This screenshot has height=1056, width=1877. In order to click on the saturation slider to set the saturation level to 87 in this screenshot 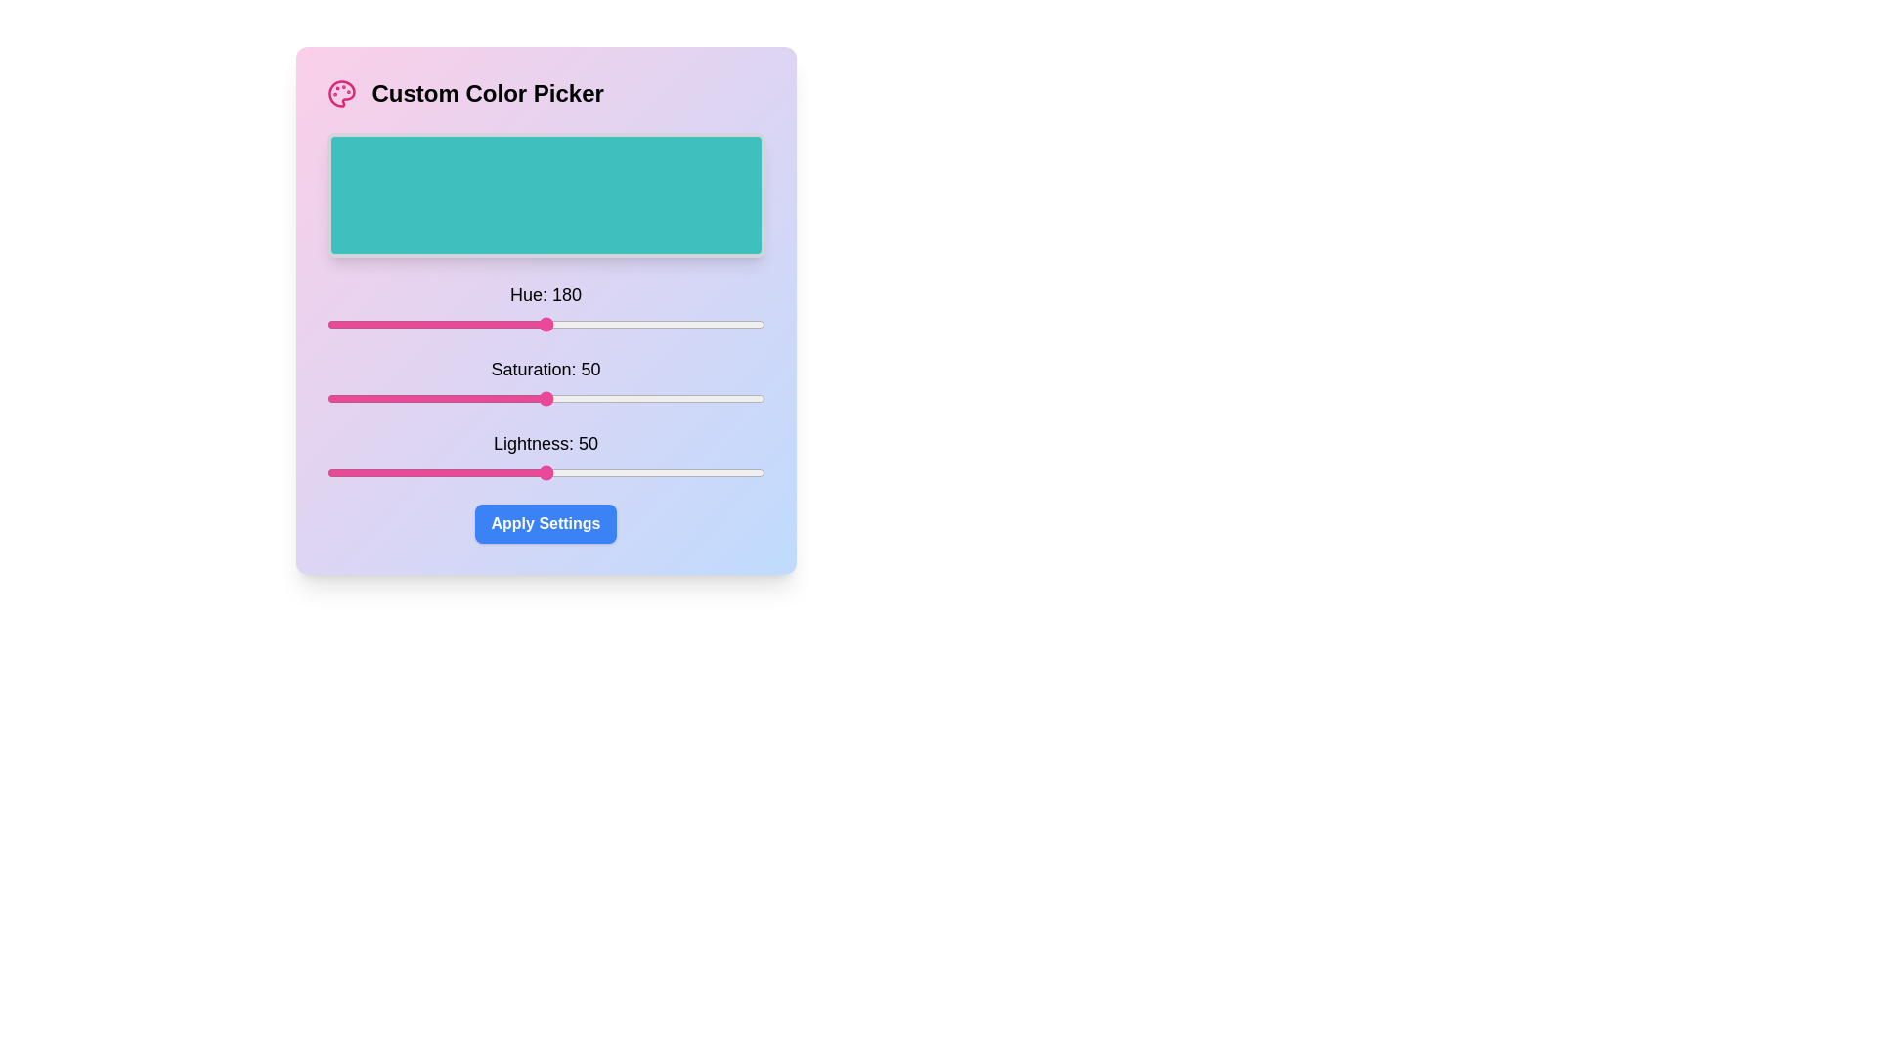, I will do `click(707, 398)`.